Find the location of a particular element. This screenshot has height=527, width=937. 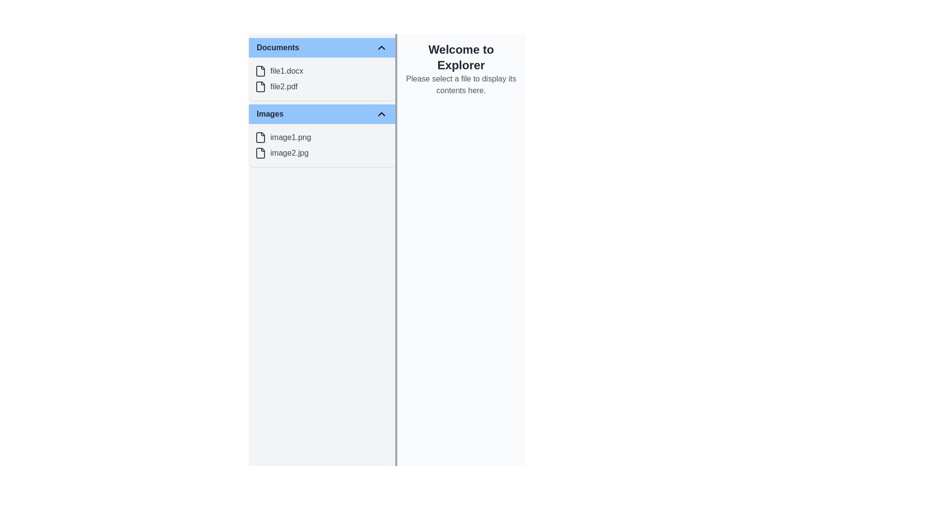

the SVG icon representing the file 'image1.png' in the 'Images' section of the sidebar is located at coordinates (260, 137).